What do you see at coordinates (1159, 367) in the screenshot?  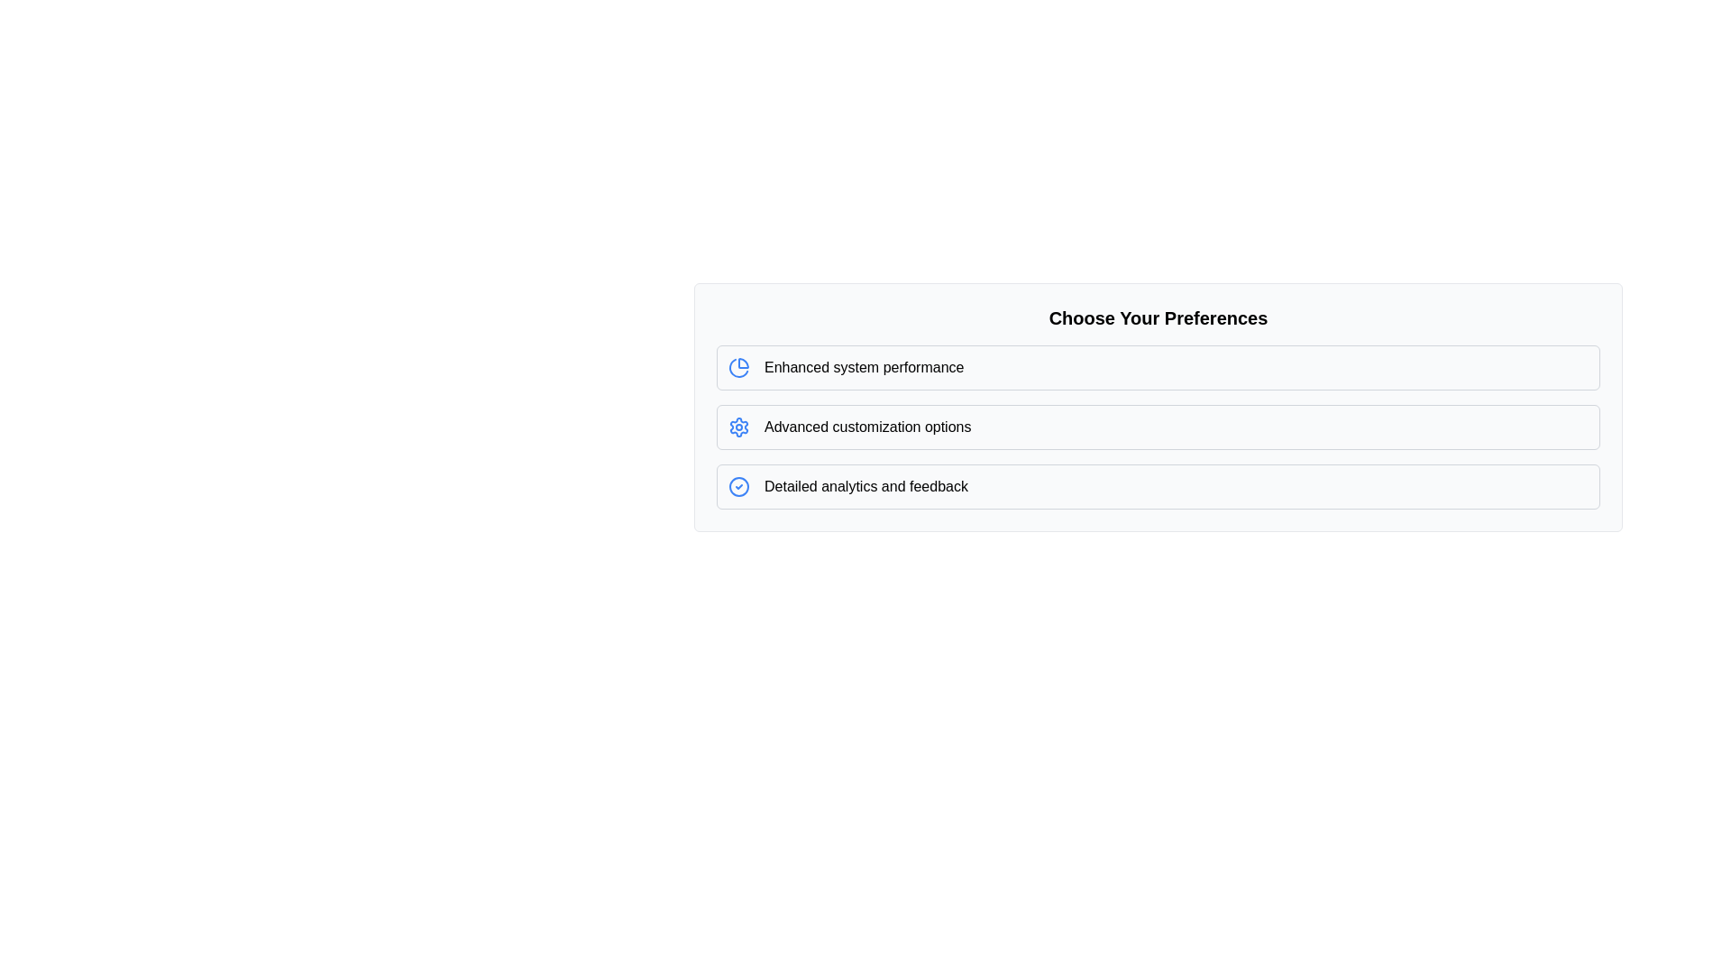 I see `the first selectable option for 'Enhanced system performance' in the vertical list` at bounding box center [1159, 367].